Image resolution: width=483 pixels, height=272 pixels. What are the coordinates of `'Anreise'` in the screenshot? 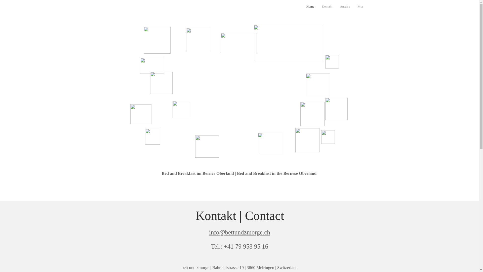 It's located at (345, 8).